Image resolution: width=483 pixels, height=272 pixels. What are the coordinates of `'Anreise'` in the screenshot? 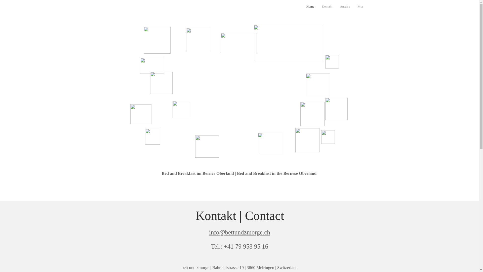 It's located at (345, 8).